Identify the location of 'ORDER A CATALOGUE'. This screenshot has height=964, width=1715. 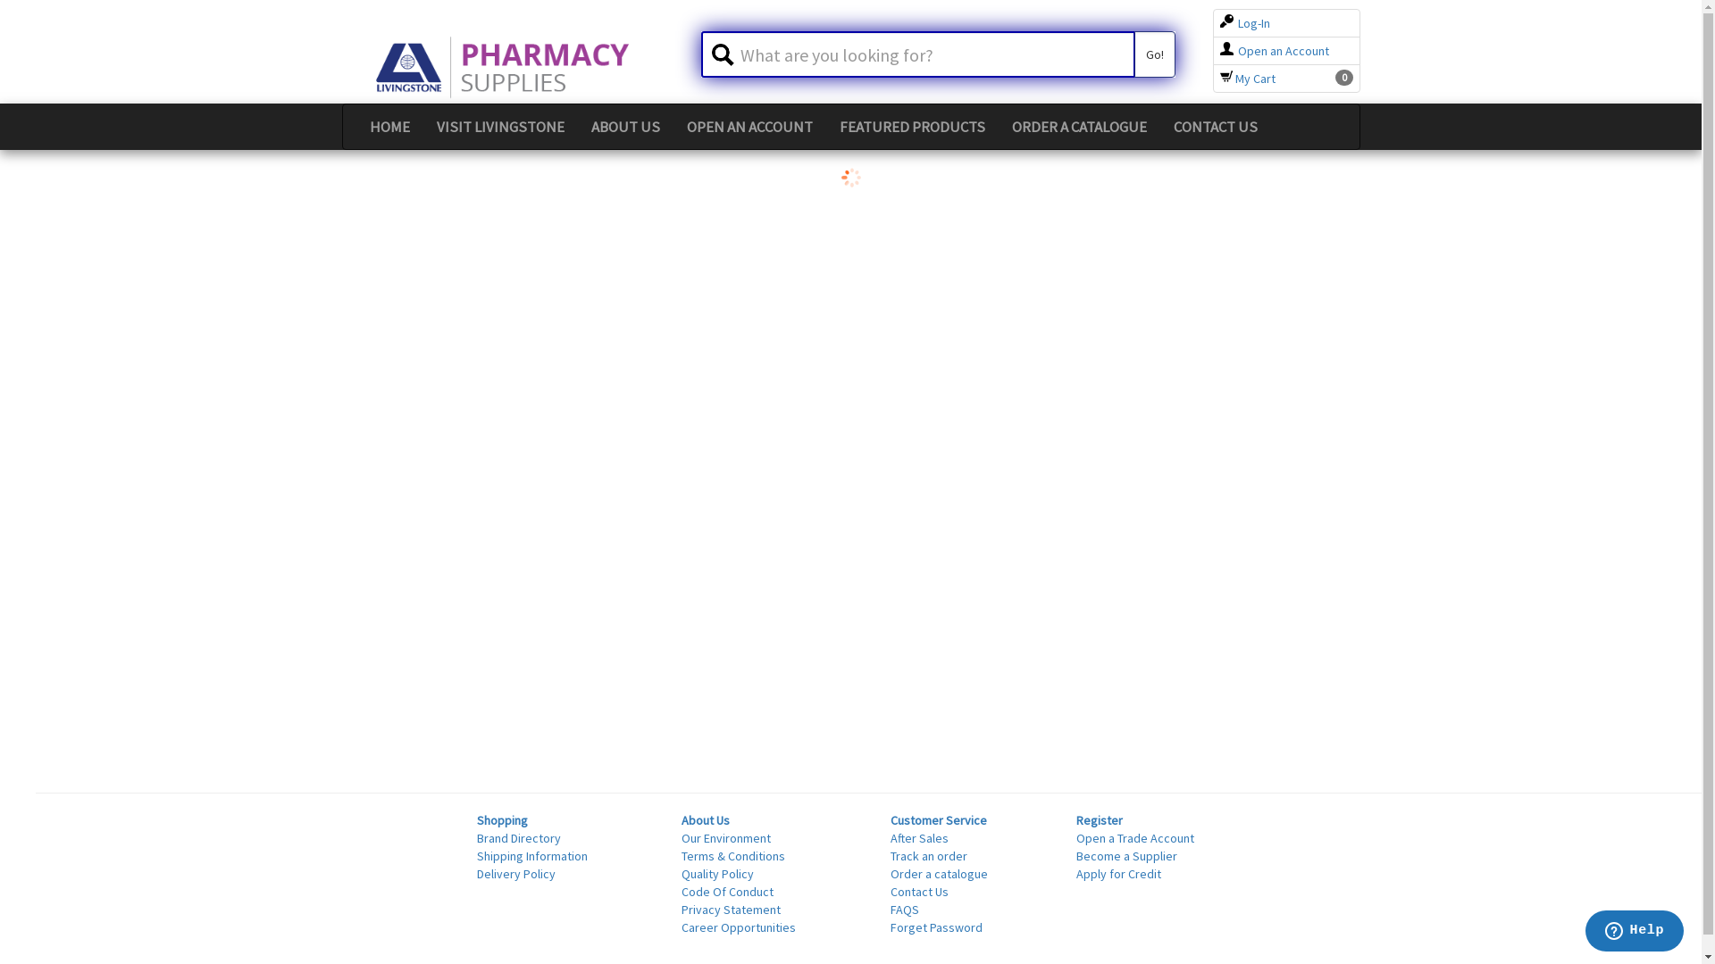
(998, 126).